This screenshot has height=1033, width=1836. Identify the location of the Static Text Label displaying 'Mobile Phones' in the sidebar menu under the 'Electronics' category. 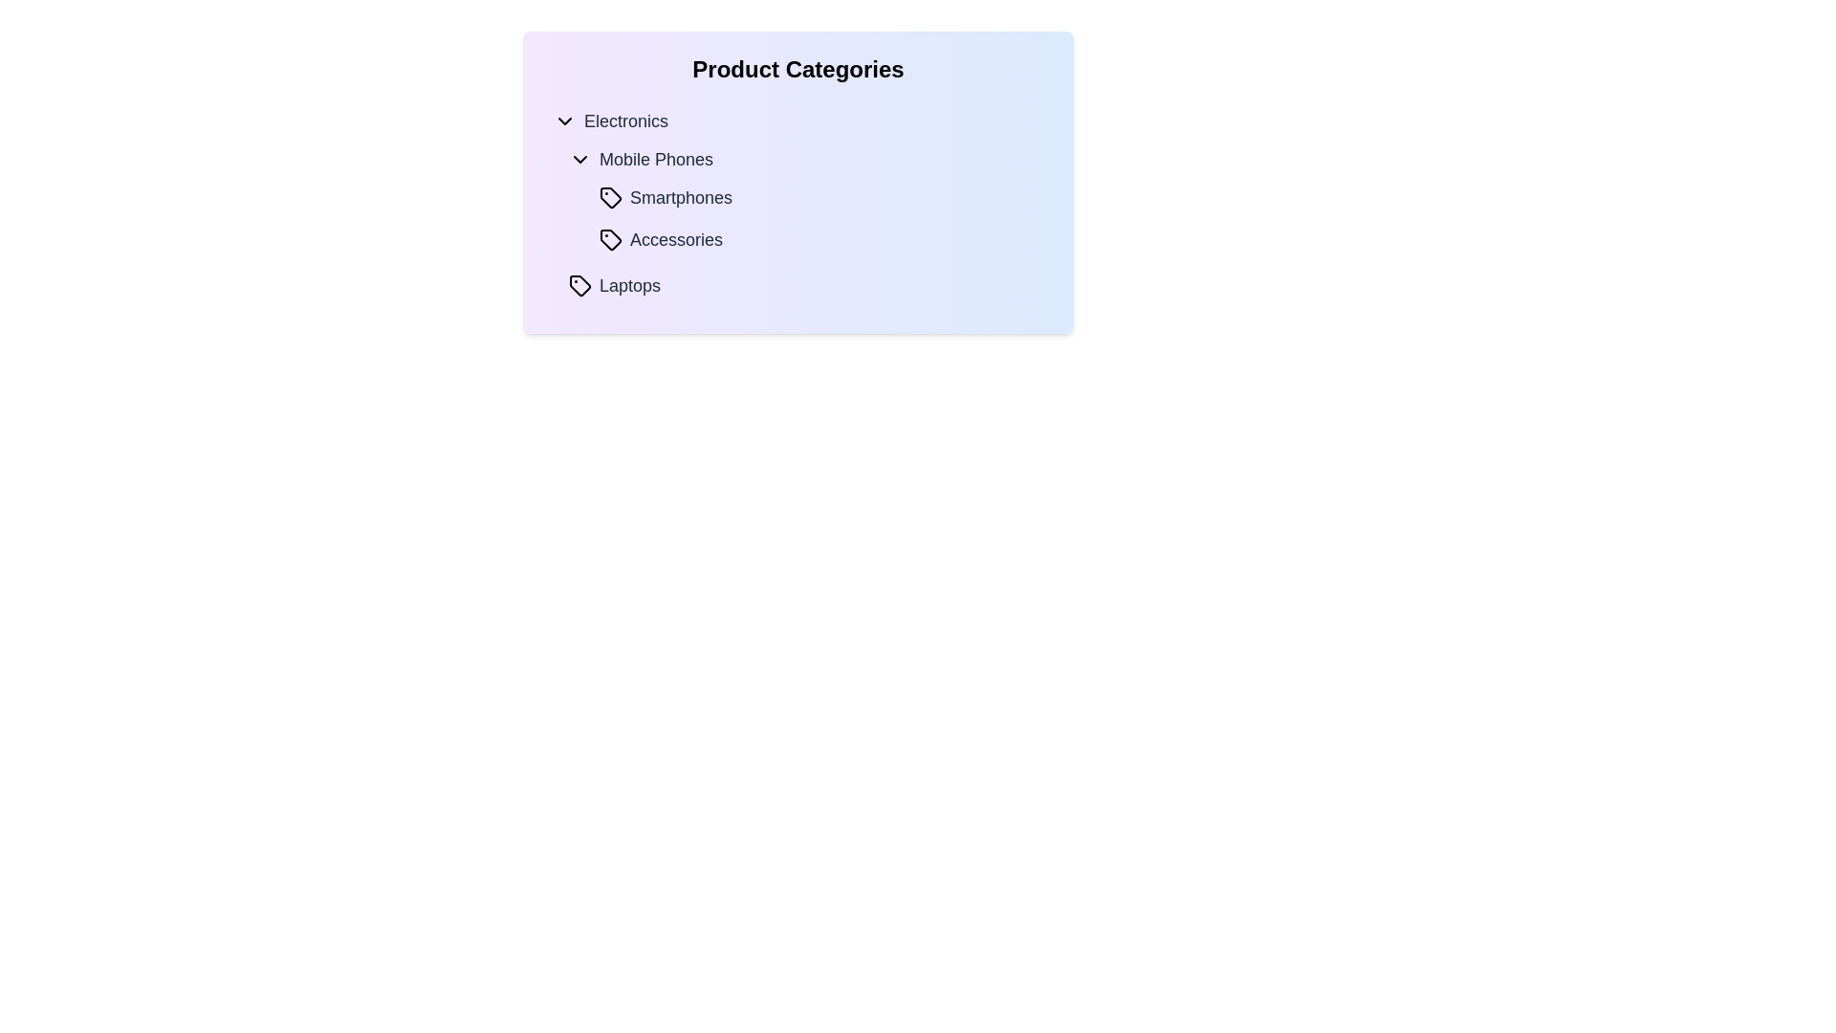
(656, 158).